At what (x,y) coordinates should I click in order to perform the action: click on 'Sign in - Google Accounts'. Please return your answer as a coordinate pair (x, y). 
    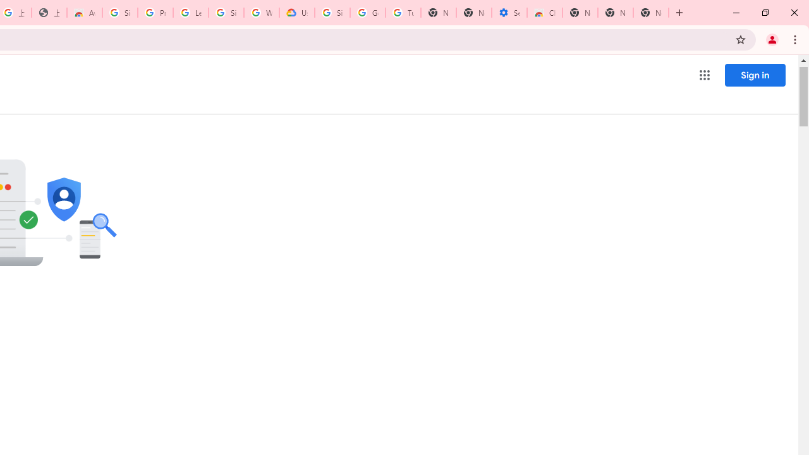
    Looking at the image, I should click on (120, 13).